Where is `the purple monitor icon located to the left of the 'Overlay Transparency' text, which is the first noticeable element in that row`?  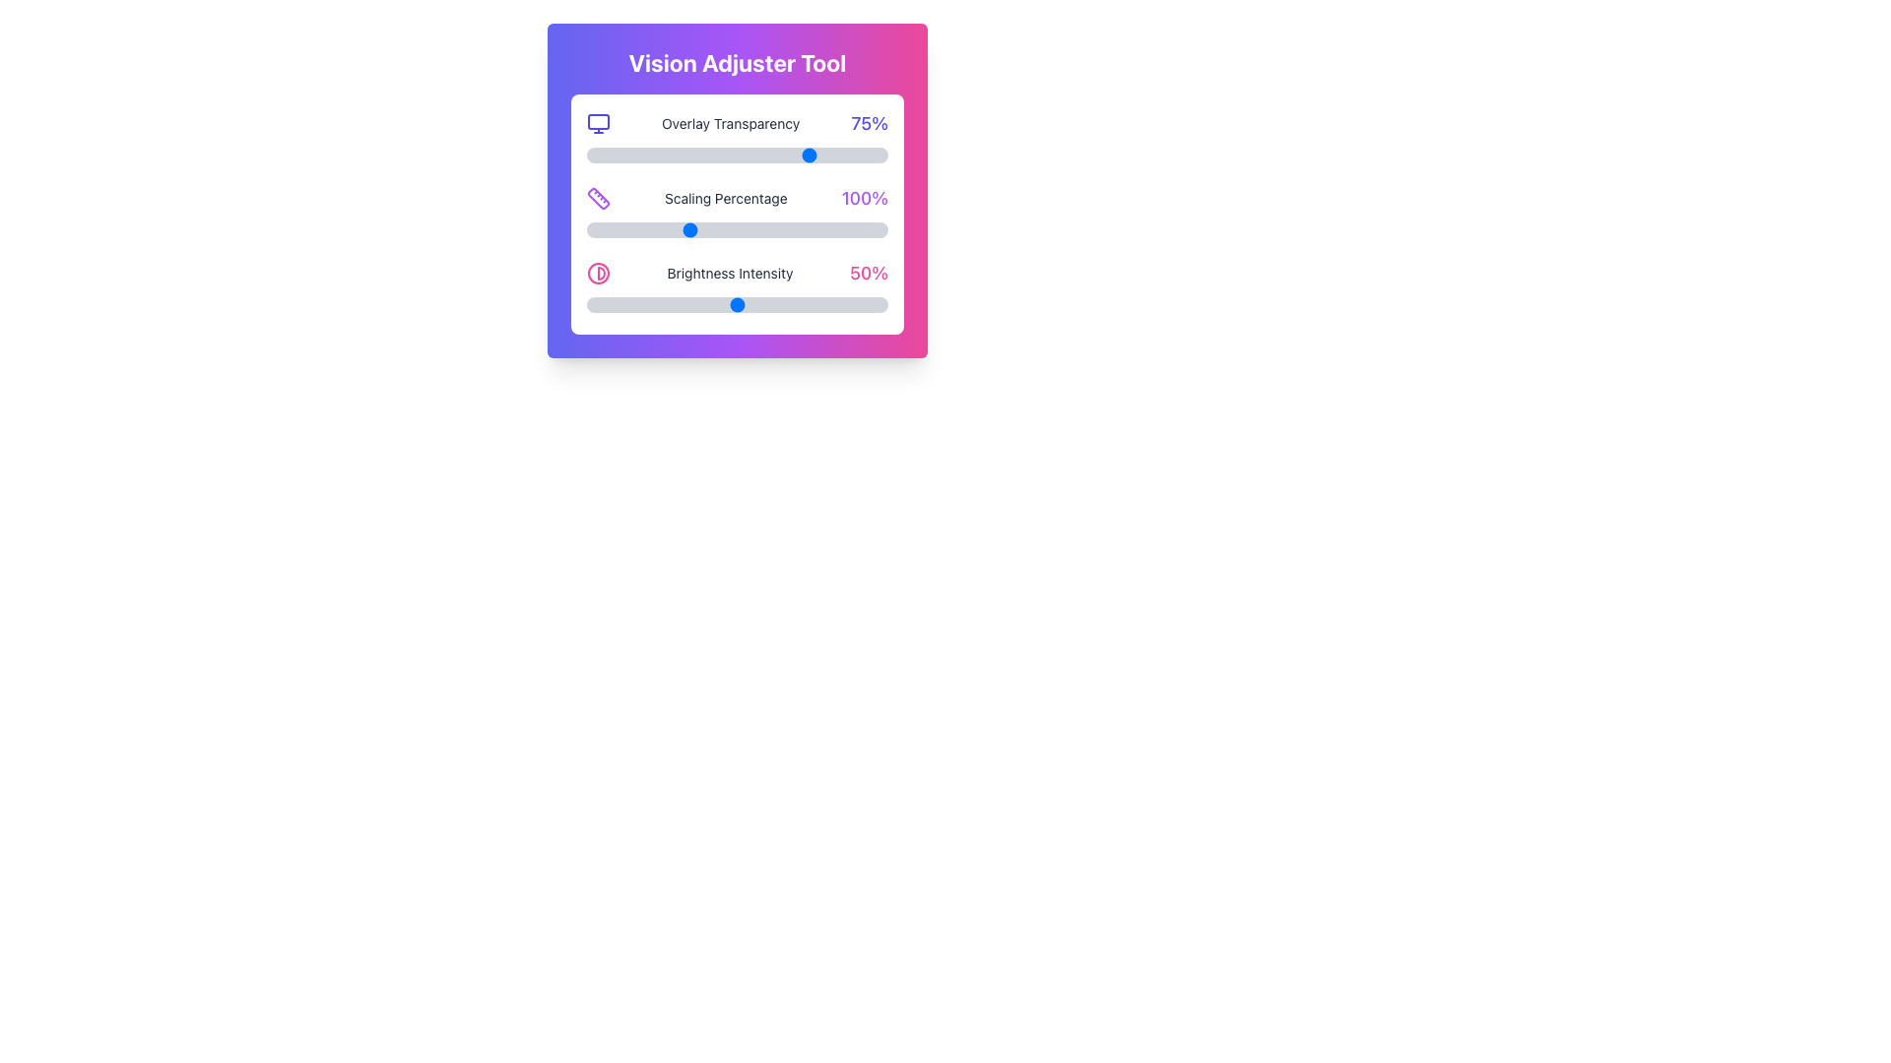 the purple monitor icon located to the left of the 'Overlay Transparency' text, which is the first noticeable element in that row is located at coordinates (598, 124).